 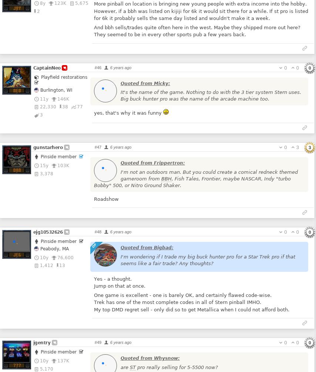 I want to click on '#46', so click(x=97, y=67).